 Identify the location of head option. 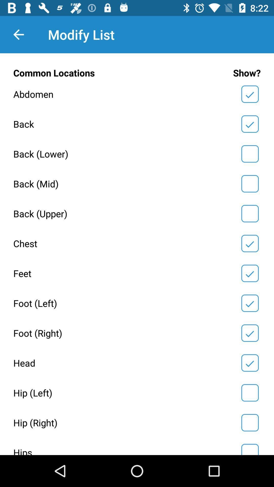
(250, 362).